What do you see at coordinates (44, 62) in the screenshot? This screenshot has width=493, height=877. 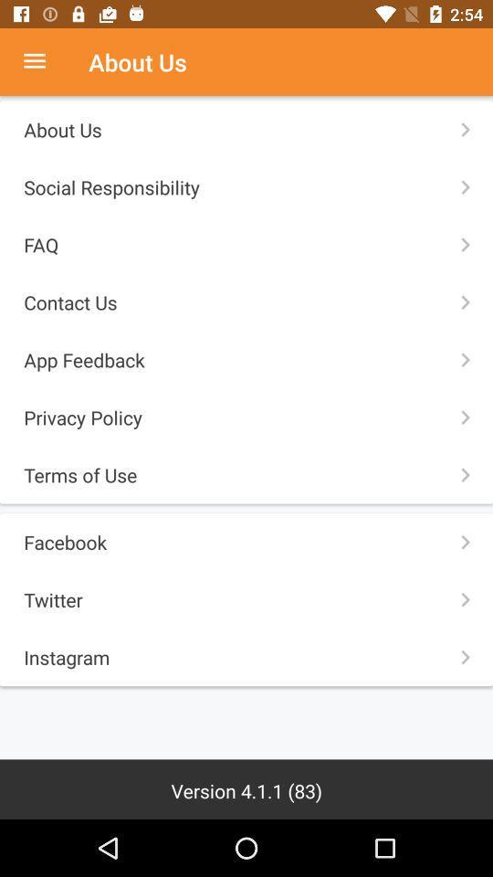 I see `more options` at bounding box center [44, 62].